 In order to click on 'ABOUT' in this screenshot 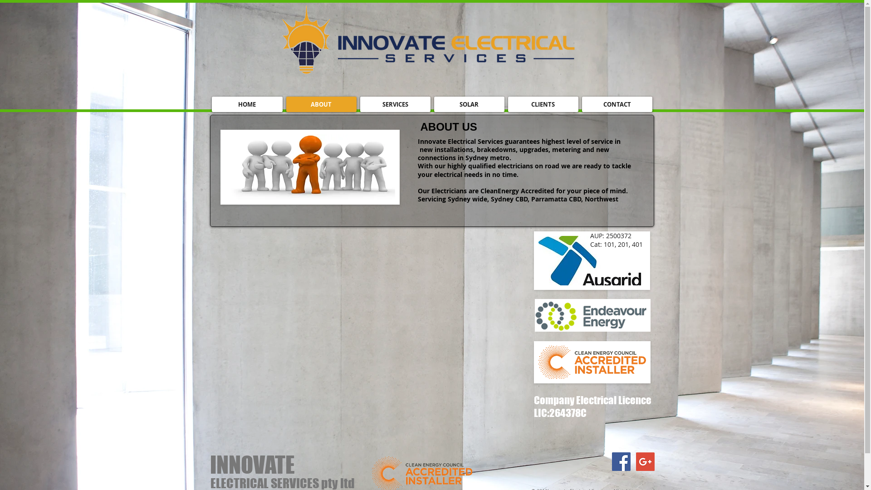, I will do `click(321, 104)`.